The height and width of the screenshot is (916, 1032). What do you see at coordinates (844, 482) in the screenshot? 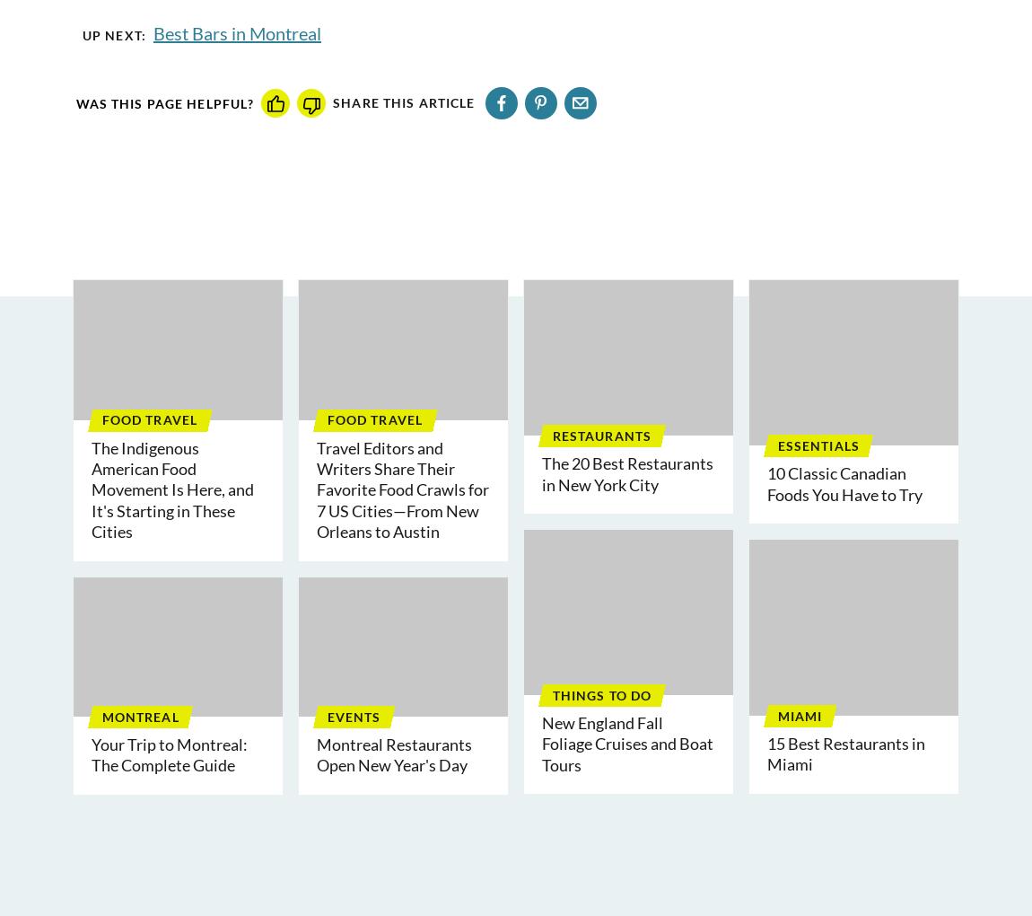
I see `'10 Classic Canadian Foods You Have to Try'` at bounding box center [844, 482].